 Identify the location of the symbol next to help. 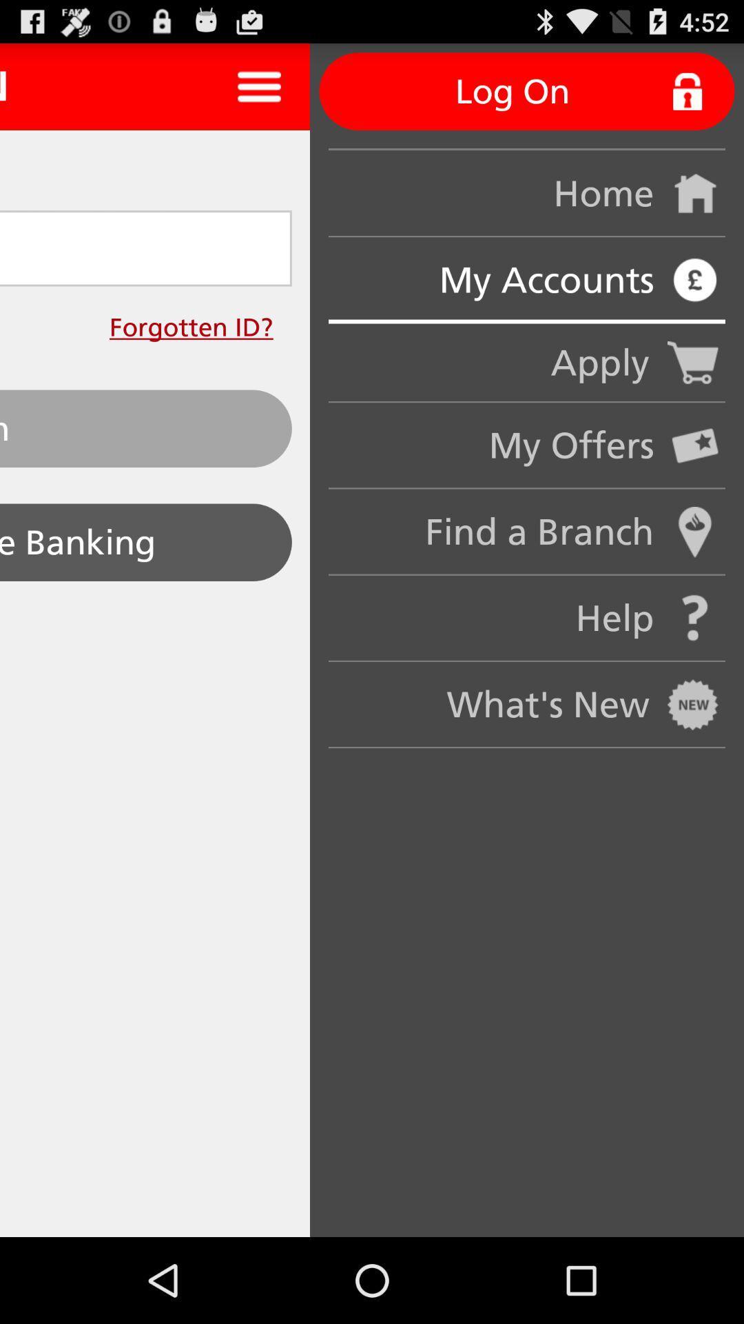
(695, 618).